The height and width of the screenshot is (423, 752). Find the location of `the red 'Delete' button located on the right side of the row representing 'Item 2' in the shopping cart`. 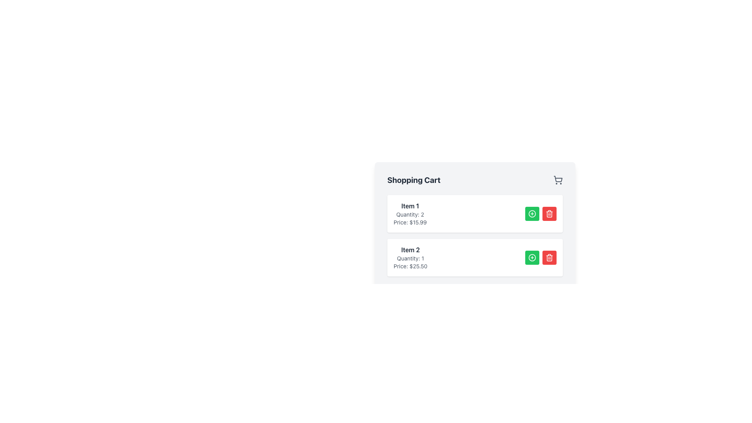

the red 'Delete' button located on the right side of the row representing 'Item 2' in the shopping cart is located at coordinates (549, 258).